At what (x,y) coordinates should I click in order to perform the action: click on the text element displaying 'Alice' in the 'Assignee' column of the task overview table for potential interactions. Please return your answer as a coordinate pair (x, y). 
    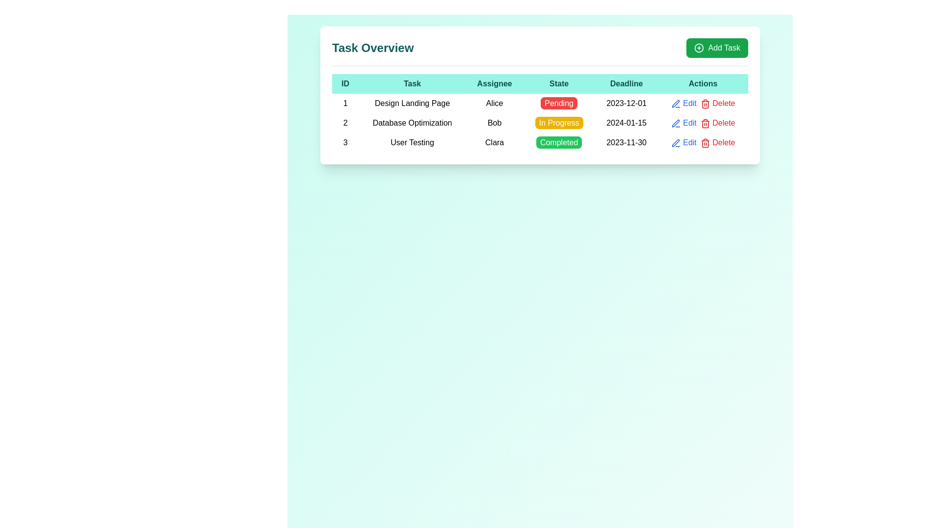
    Looking at the image, I should click on (495, 104).